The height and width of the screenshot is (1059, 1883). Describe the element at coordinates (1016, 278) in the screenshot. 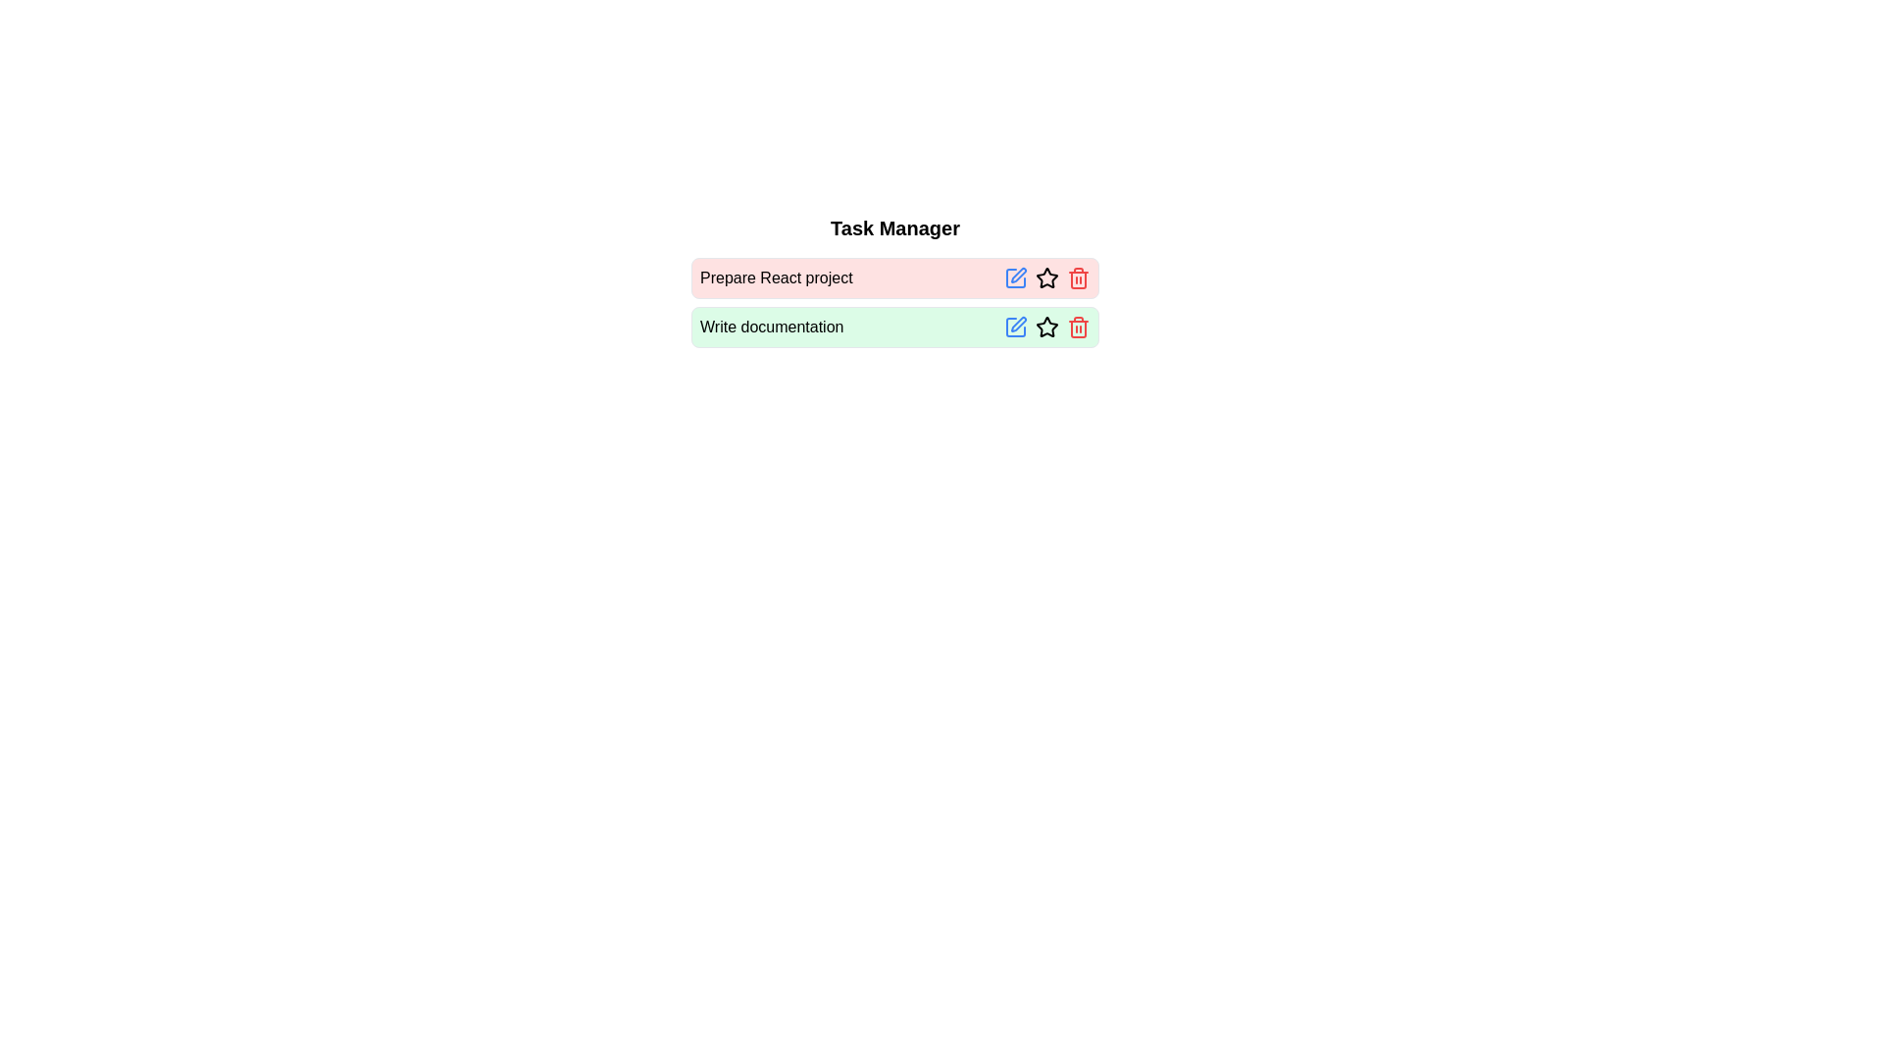

I see `the edit button located to the right of the text 'Prepare React project' in the task list to initiate editing the task` at that location.